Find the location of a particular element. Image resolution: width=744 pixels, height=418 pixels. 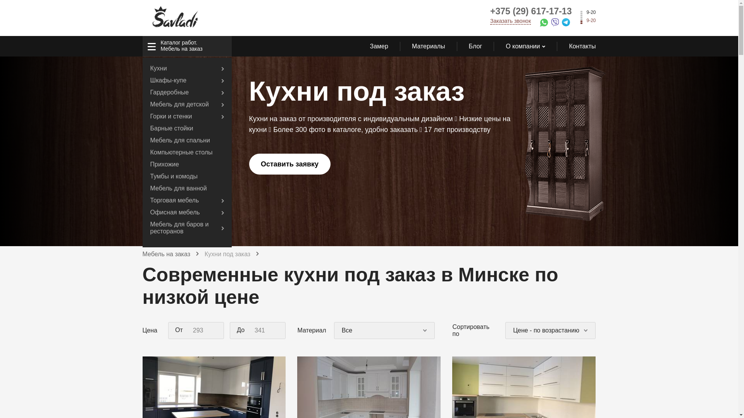

'whatsapp' is located at coordinates (539, 24).